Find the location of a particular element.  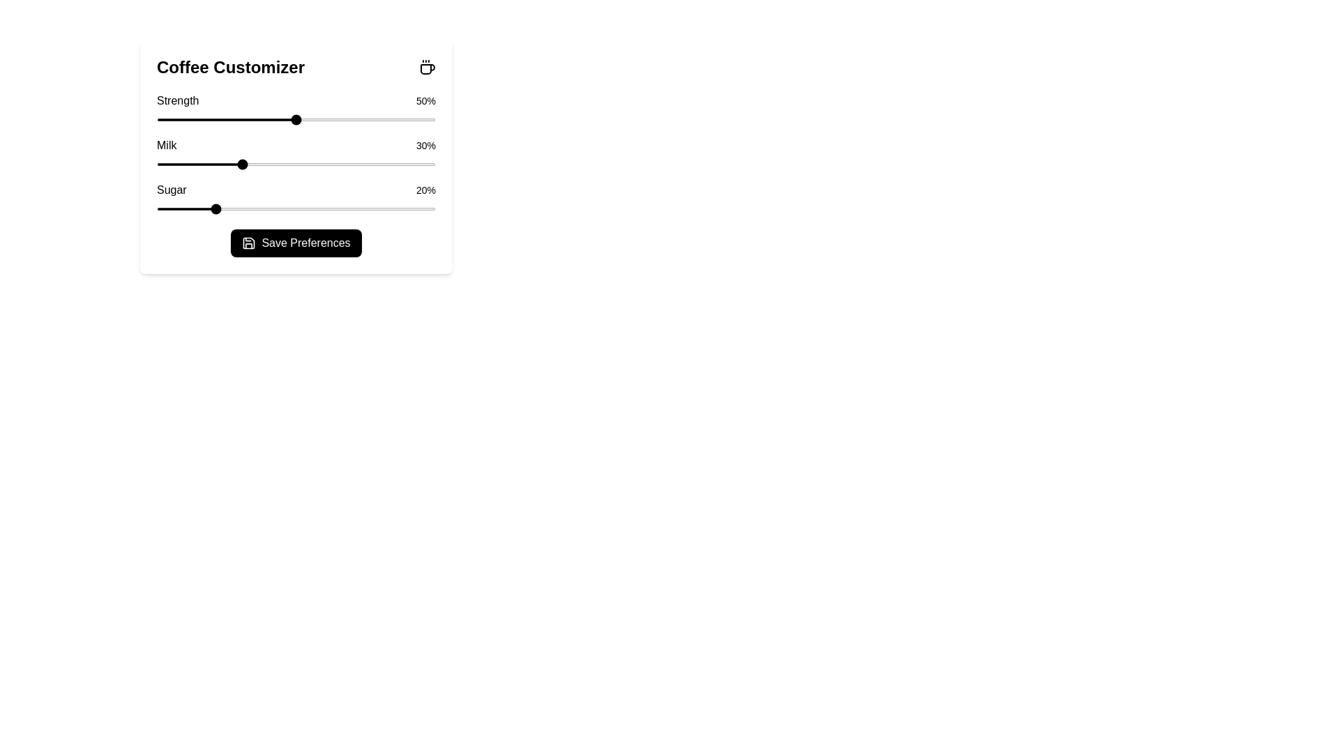

the strength slider is located at coordinates (320, 119).